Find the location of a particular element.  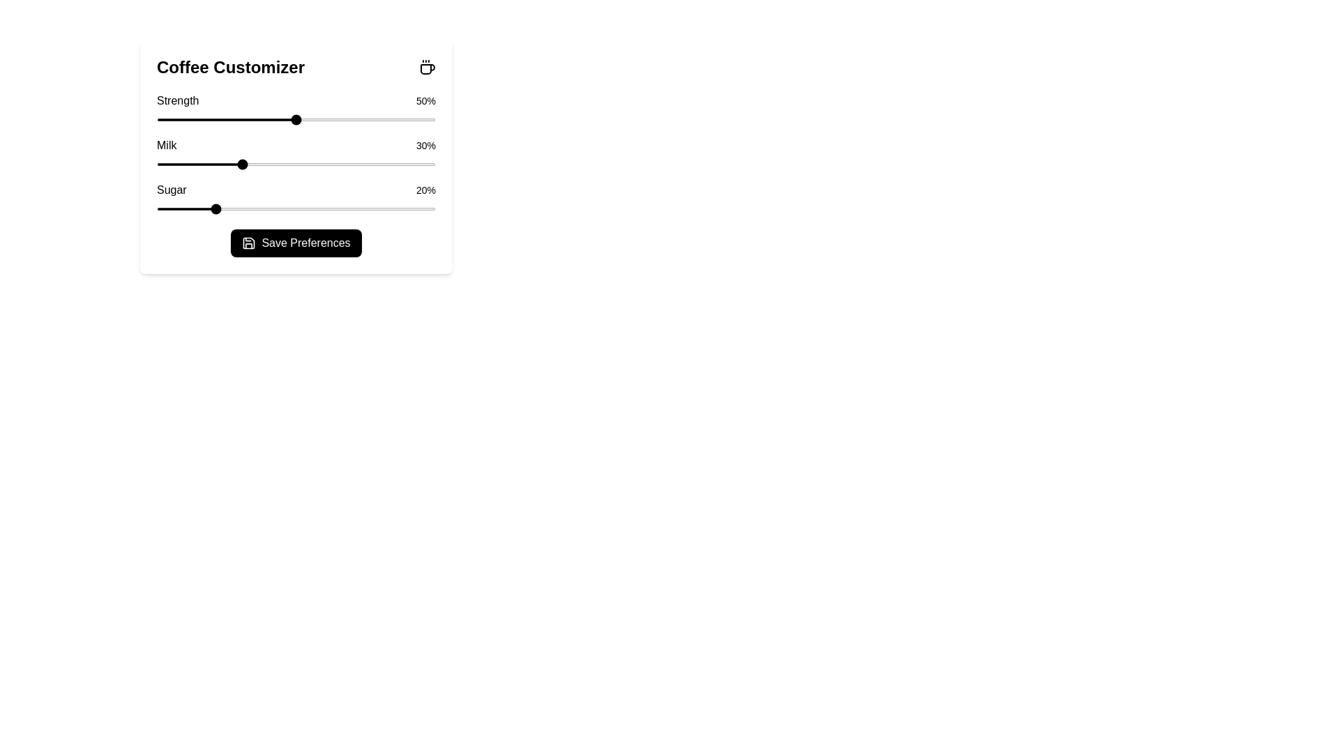

the strength slider is located at coordinates (320, 119).